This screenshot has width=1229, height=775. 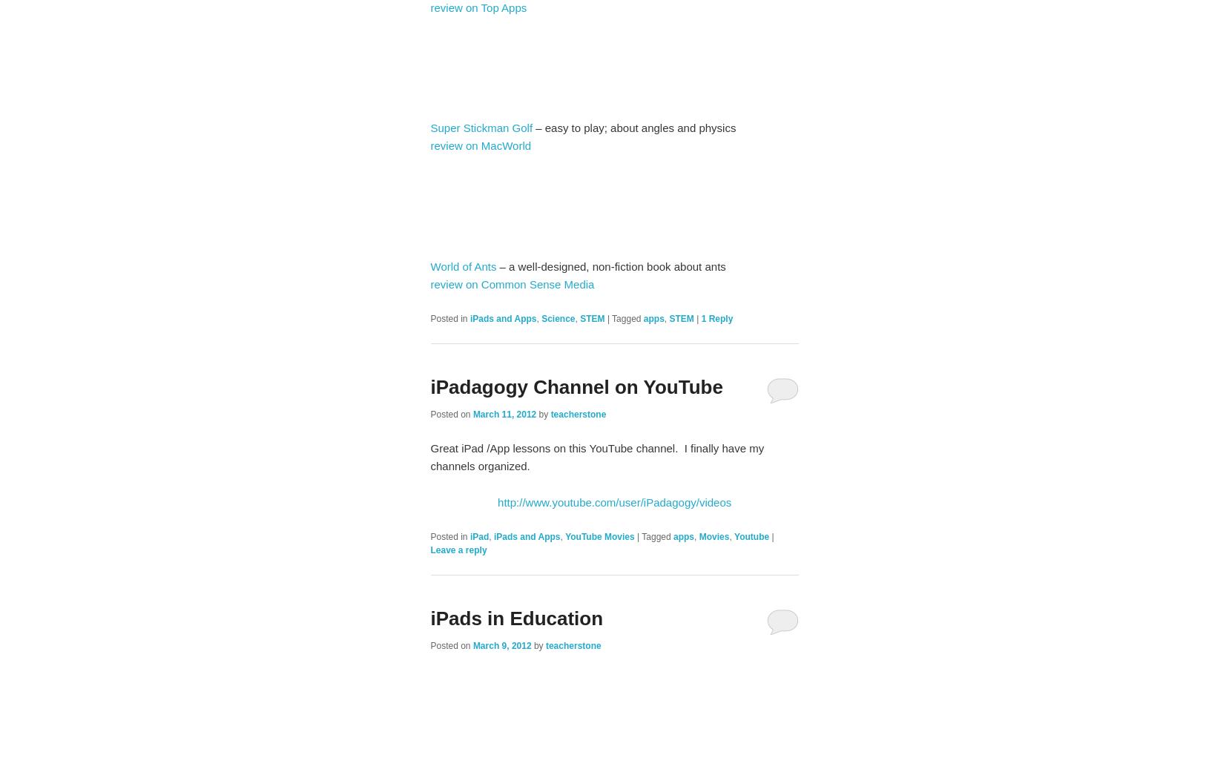 I want to click on 'Reply', so click(x=705, y=317).